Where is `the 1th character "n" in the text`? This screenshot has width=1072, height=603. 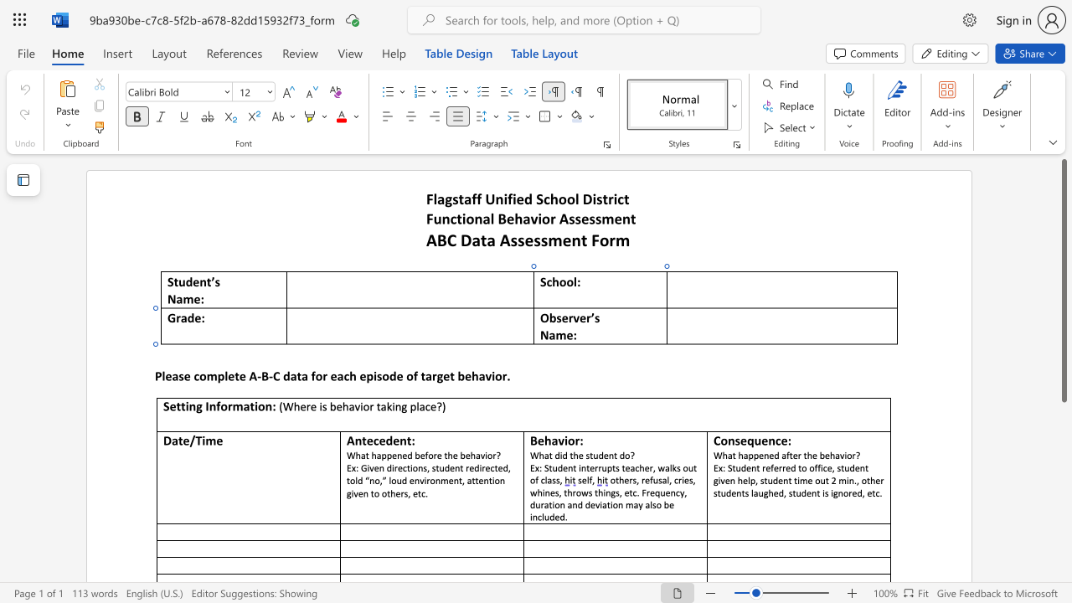
the 1th character "n" in the text is located at coordinates (397, 406).